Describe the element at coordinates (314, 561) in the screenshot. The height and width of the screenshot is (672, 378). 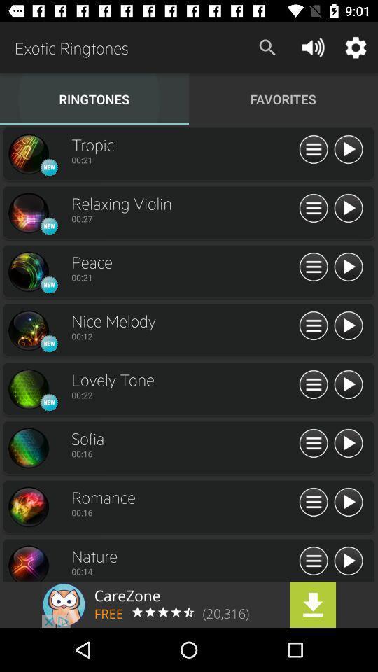
I see `more appsation` at that location.